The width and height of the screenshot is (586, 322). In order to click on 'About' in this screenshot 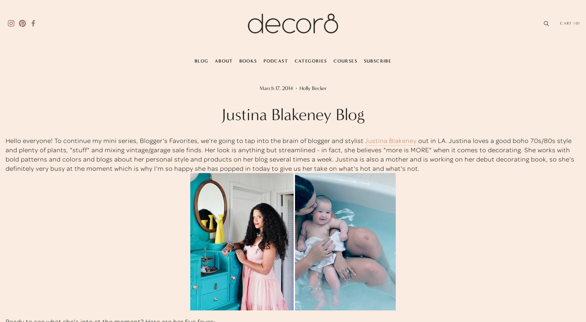, I will do `click(224, 61)`.